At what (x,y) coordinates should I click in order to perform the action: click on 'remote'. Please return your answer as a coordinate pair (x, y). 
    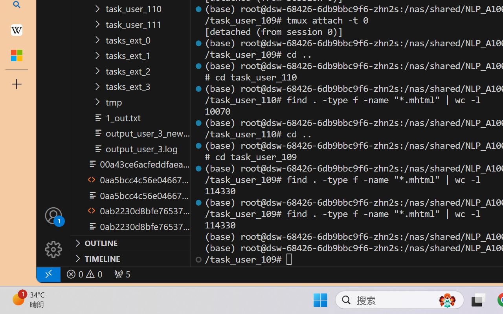
    Looking at the image, I should click on (48, 274).